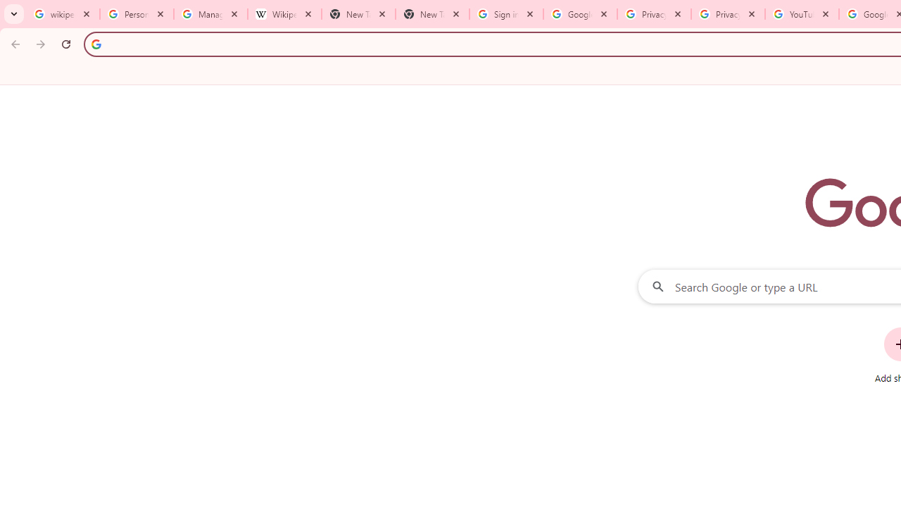 The width and height of the screenshot is (901, 507). I want to click on 'Wikipedia:Edit requests - Wikipedia', so click(284, 14).